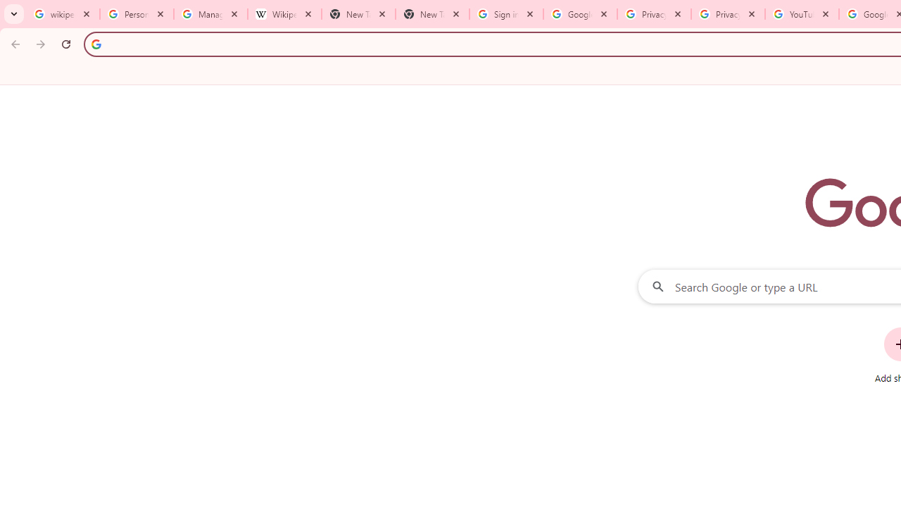 The width and height of the screenshot is (901, 507). I want to click on 'Wikipedia:Edit requests - Wikipedia', so click(284, 14).